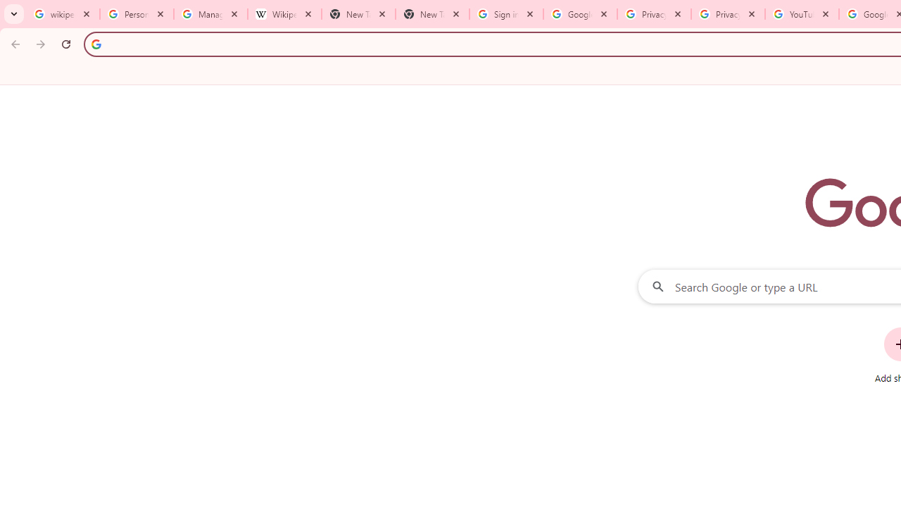 The width and height of the screenshot is (901, 507). I want to click on 'Wikipedia:Edit requests - Wikipedia', so click(284, 14).